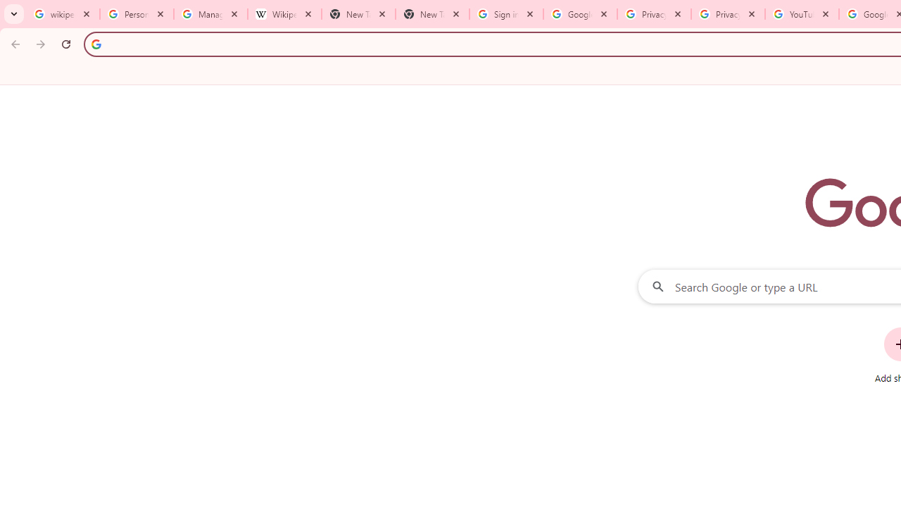 The width and height of the screenshot is (901, 507). I want to click on 'Wikipedia:Edit requests - Wikipedia', so click(284, 14).